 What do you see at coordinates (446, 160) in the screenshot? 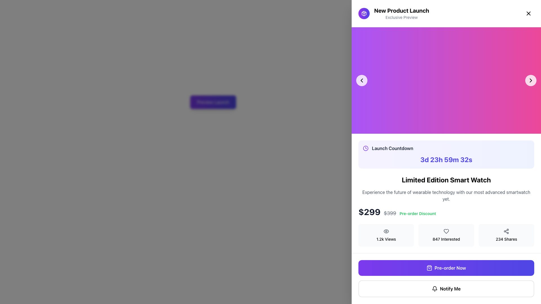
I see `time left from the static text display located in the 'Launch Countdown' section, positioned below its title text` at bounding box center [446, 160].